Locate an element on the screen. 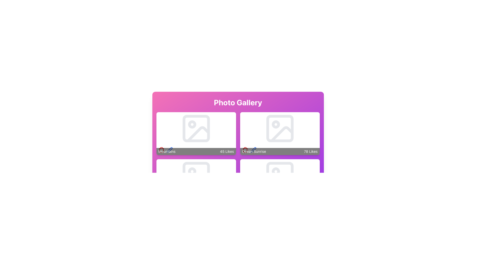  the first card in the gallery section, which has a white background, rounded corners, and displays 'Mountains' and '45 Likes' below a gray image placeholder is located at coordinates (196, 133).